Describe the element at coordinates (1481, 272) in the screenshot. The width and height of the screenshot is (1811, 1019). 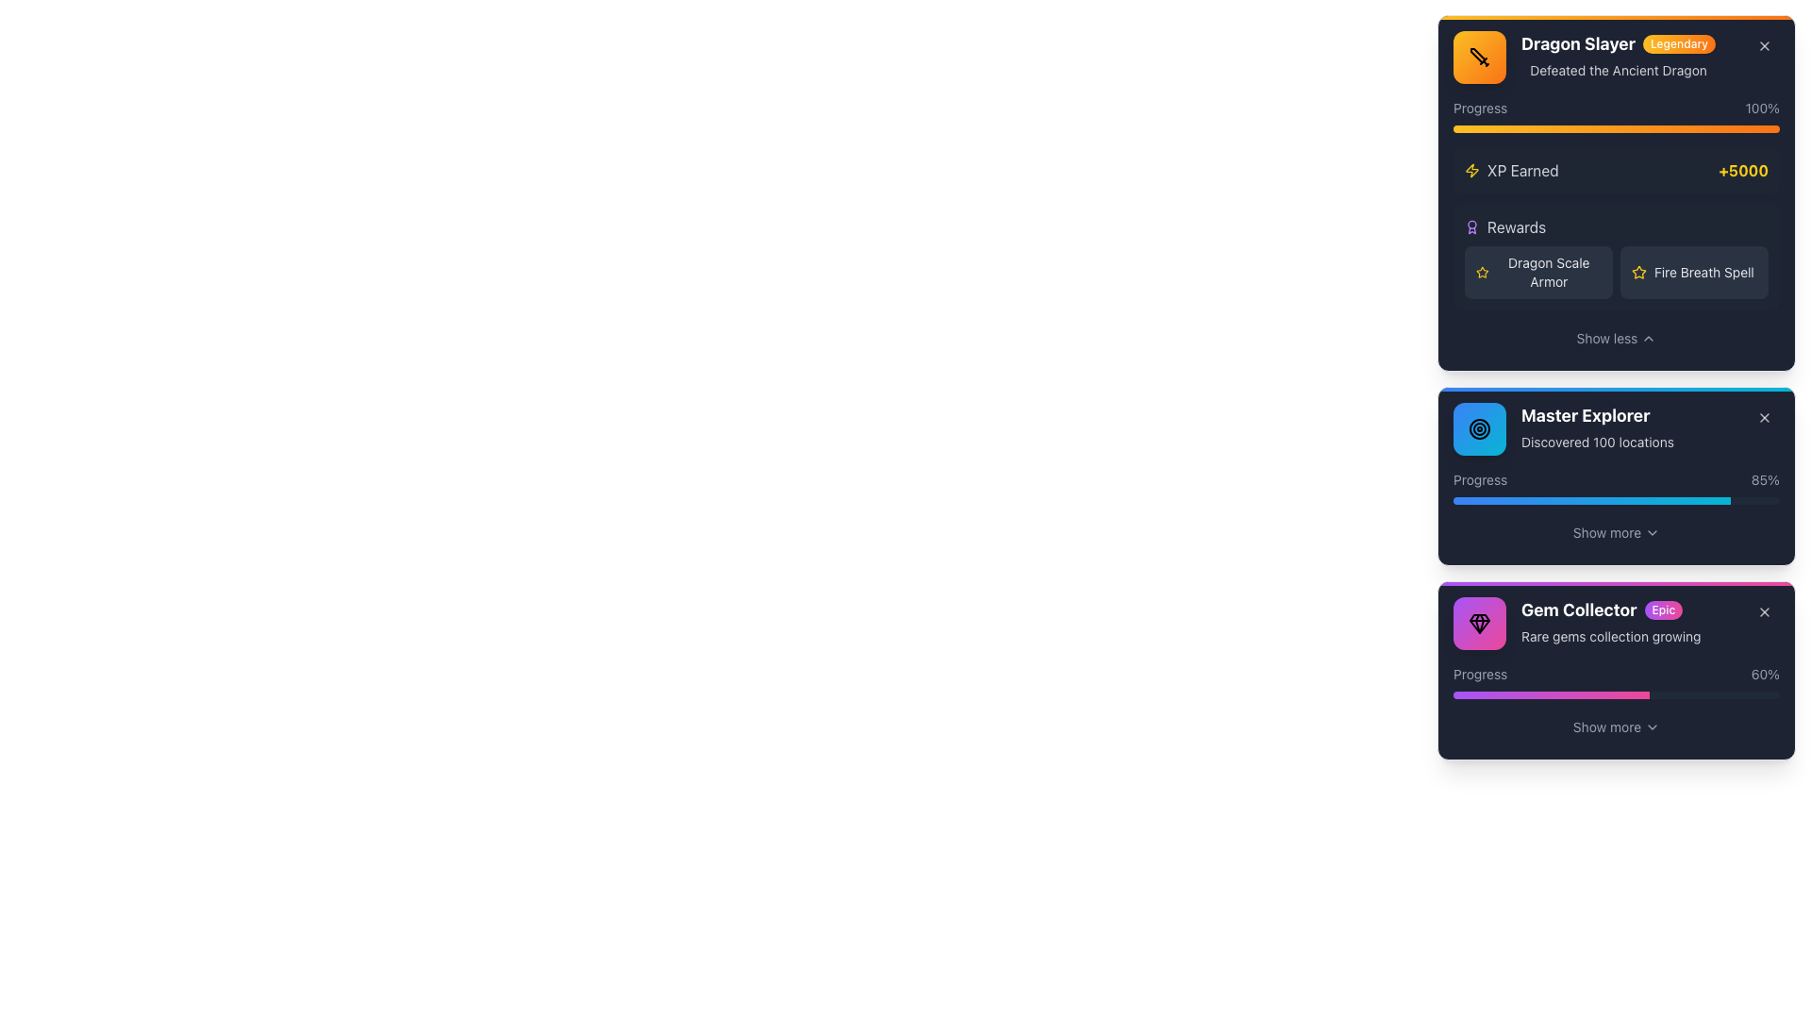
I see `the yellow star-shaped icon located in the Rewards section of the Dragon Slayer card, adjacent to the Fire Breath Spell reward icon` at that location.